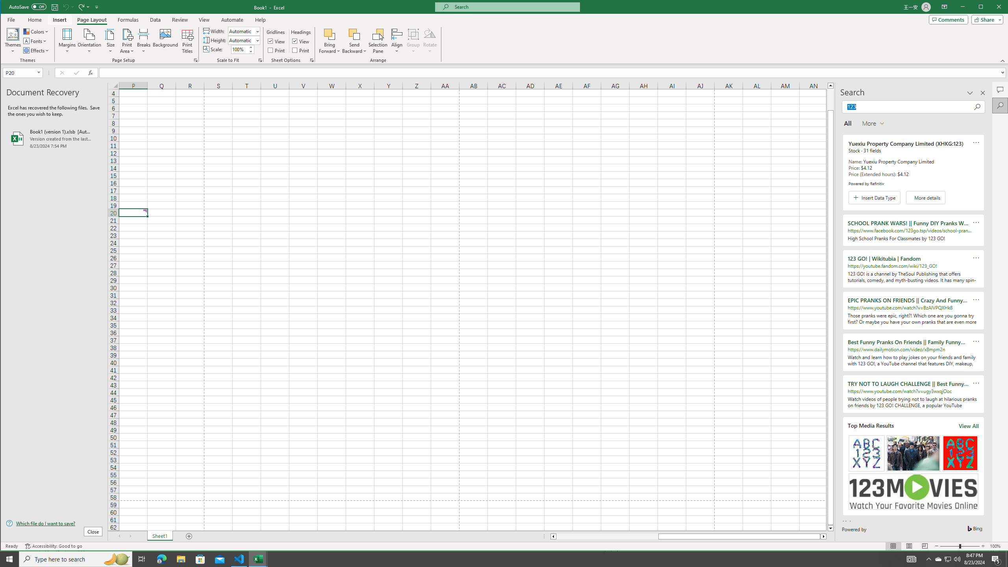 The height and width of the screenshot is (567, 1008). Describe the element at coordinates (200, 558) in the screenshot. I see `'Microsoft Store'` at that location.